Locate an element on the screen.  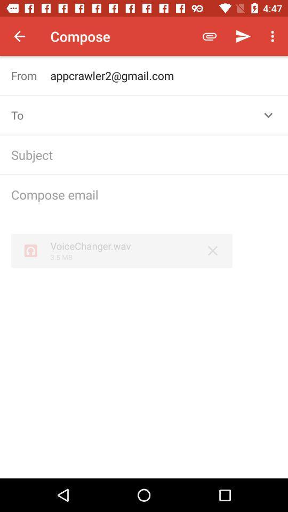
the icon to the right of the voicechanger.wav icon is located at coordinates (213, 251).